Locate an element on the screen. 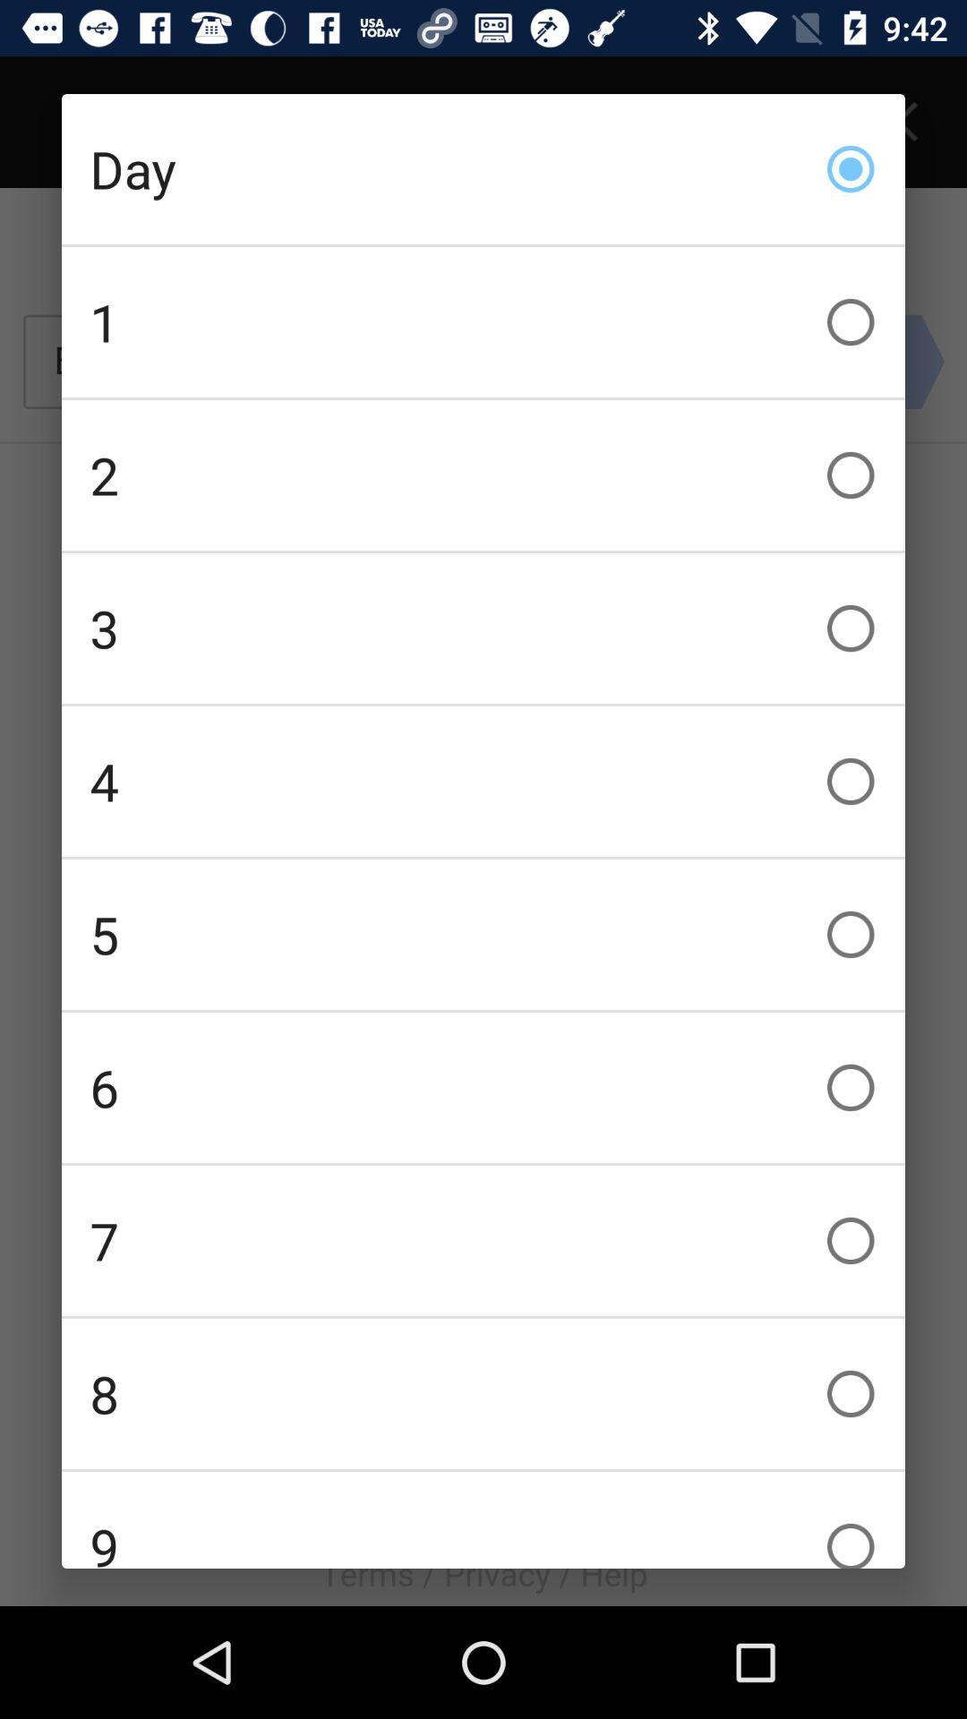  icon below the 6 icon is located at coordinates (483, 1240).